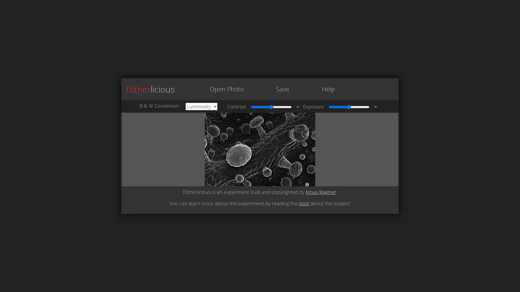  What do you see at coordinates (211, 30) in the screenshot?
I see `Choose File` at bounding box center [211, 30].